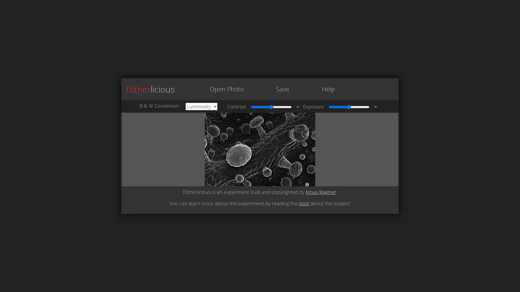  What do you see at coordinates (211, 30) in the screenshot?
I see `Choose File` at bounding box center [211, 30].